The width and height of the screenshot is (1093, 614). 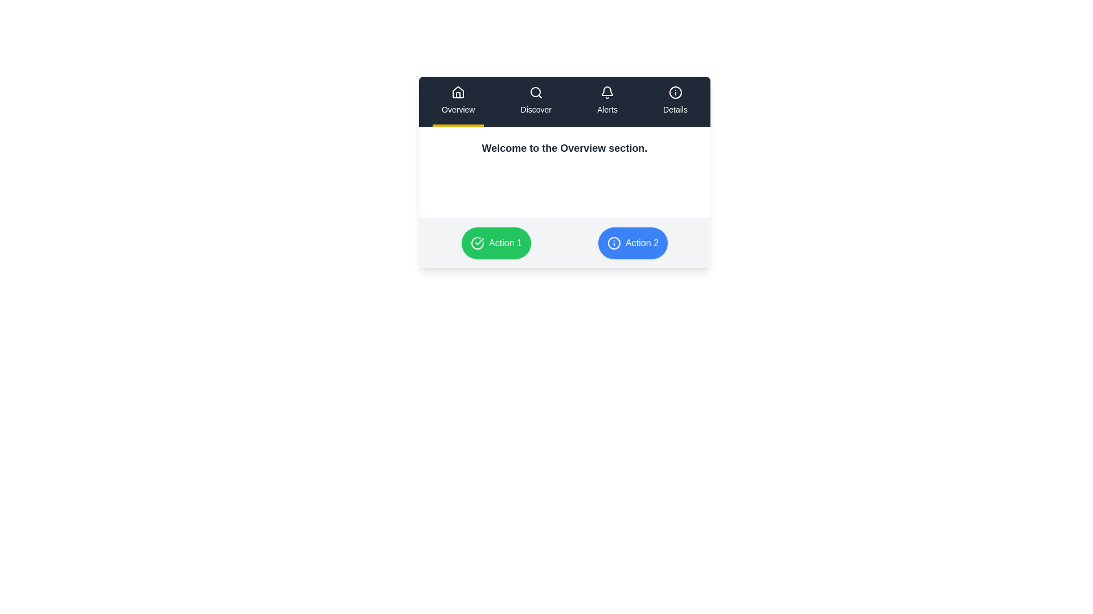 What do you see at coordinates (675, 92) in the screenshot?
I see `the circular 'Details' icon located in the top navigation bar on the far right` at bounding box center [675, 92].